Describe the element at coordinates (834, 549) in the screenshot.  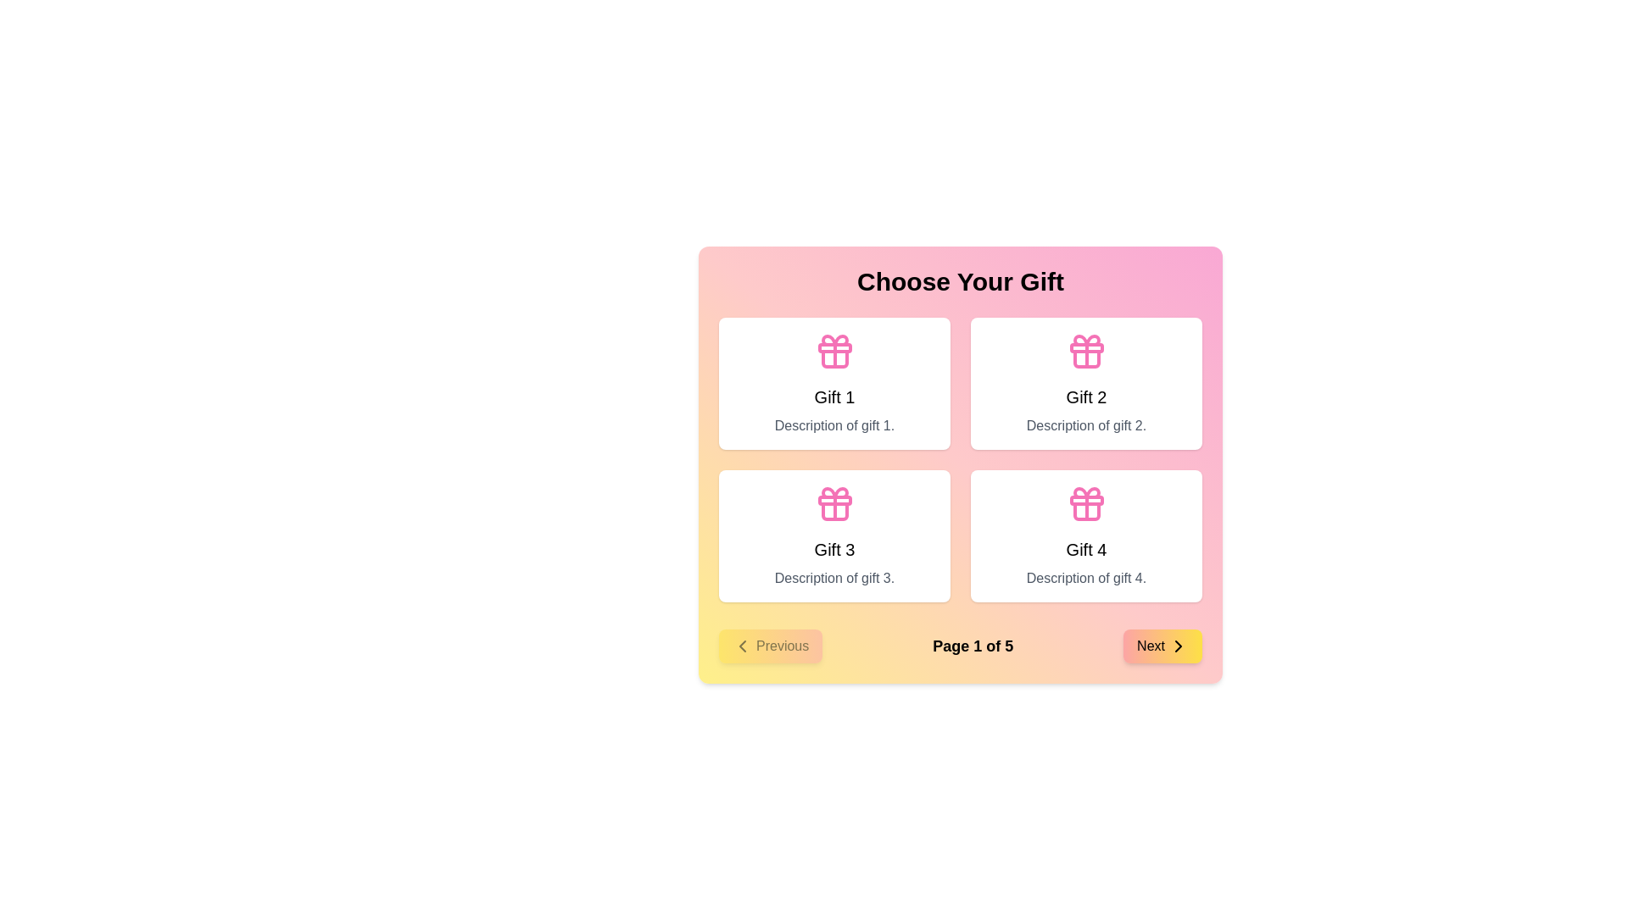
I see `the text label element displaying 'Gift 3', which is positioned in the grid layout of selectable gift options, specifically the title text of the third gift card` at that location.